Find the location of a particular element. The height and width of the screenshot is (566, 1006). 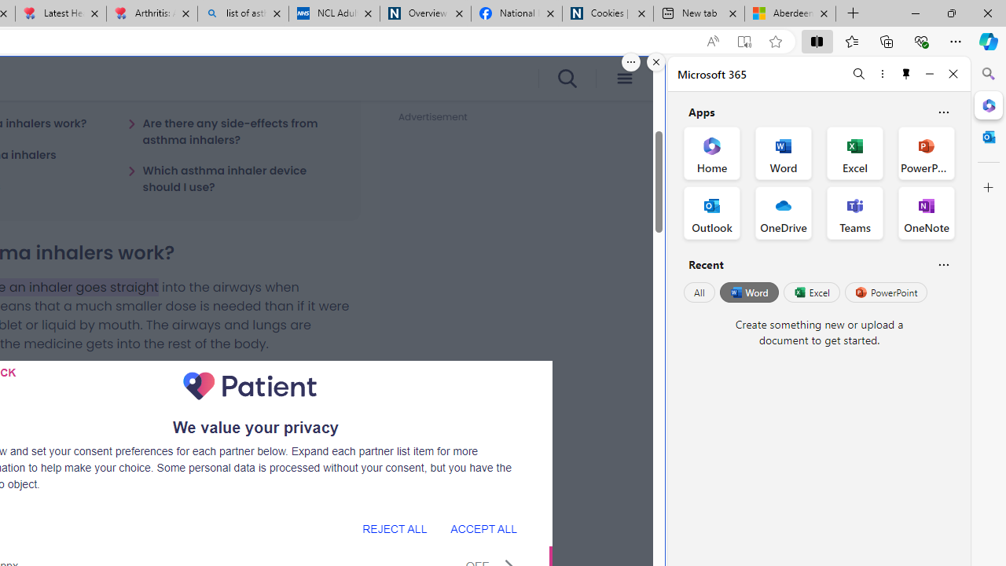

'Enter Immersive Reader (F9)' is located at coordinates (743, 41).